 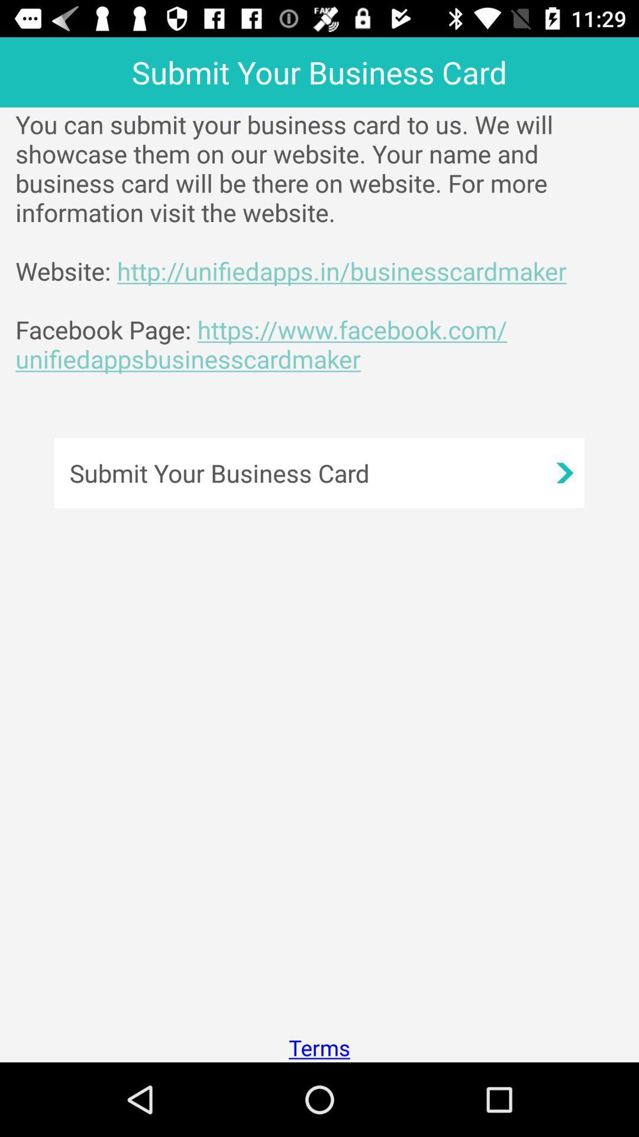 What do you see at coordinates (327, 241) in the screenshot?
I see `item above the submit your business app` at bounding box center [327, 241].